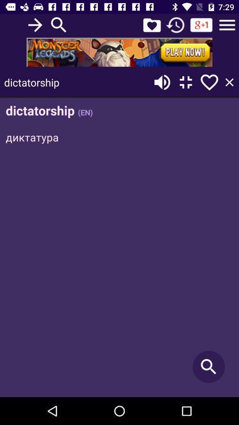 The width and height of the screenshot is (239, 425). What do you see at coordinates (162, 82) in the screenshot?
I see `for volume` at bounding box center [162, 82].